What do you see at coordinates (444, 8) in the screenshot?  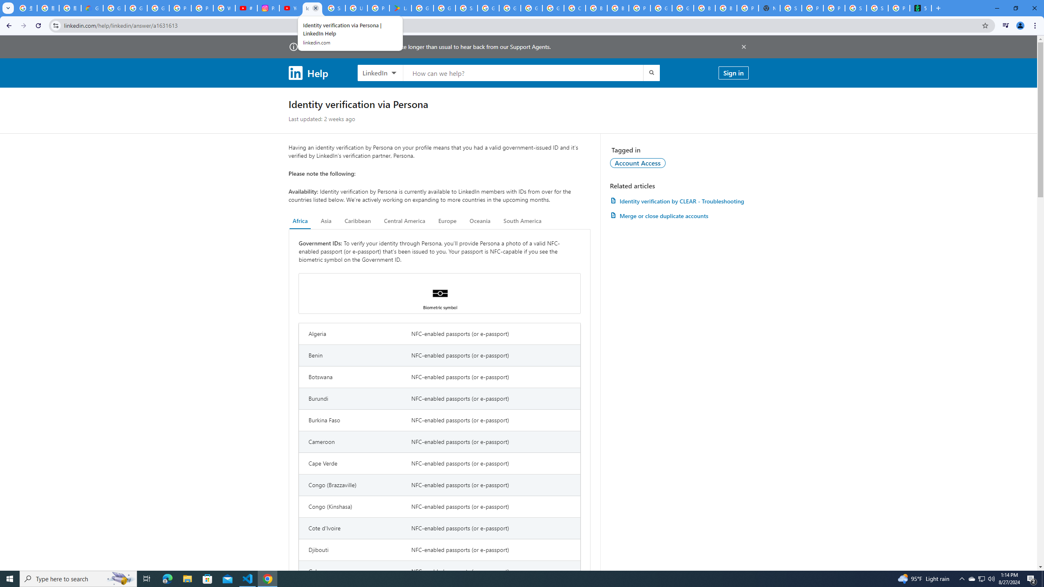 I see `'Google Workspace - Specific Terms'` at bounding box center [444, 8].